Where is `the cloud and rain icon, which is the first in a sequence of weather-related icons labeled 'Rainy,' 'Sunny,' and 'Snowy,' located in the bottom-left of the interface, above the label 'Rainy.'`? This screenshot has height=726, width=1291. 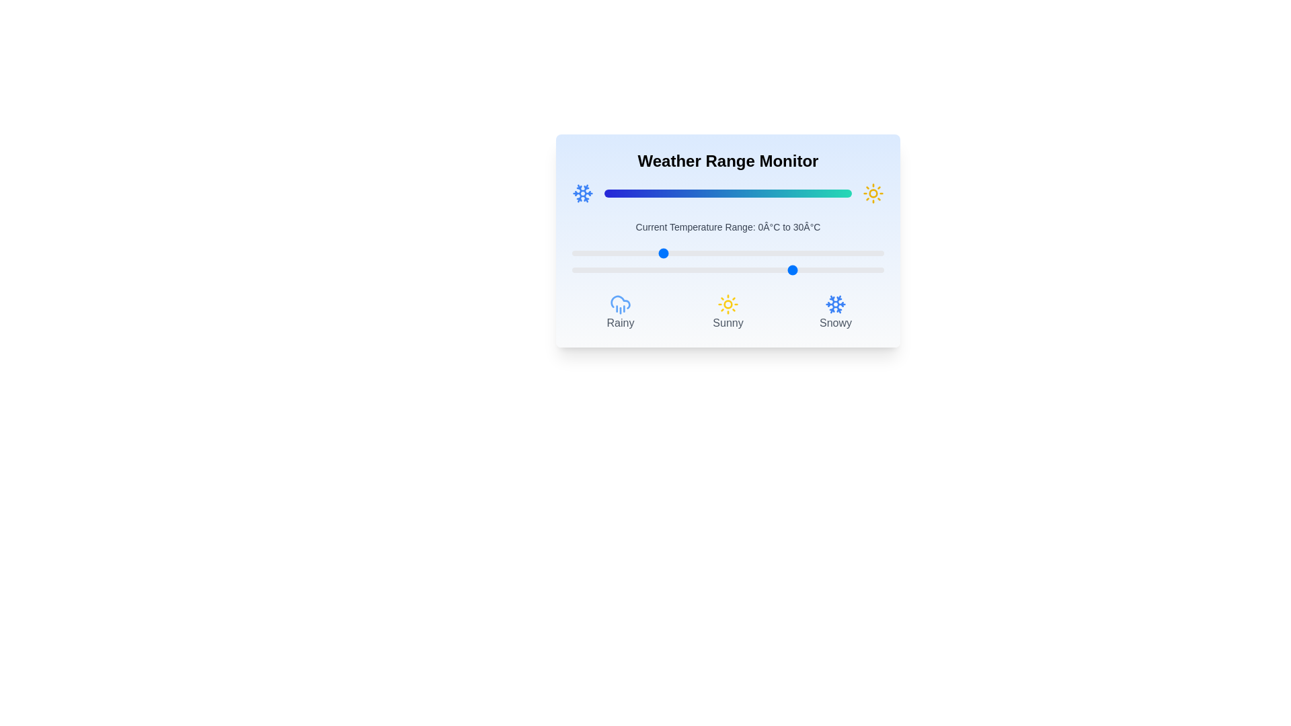
the cloud and rain icon, which is the first in a sequence of weather-related icons labeled 'Rainy,' 'Sunny,' and 'Snowy,' located in the bottom-left of the interface, above the label 'Rainy.' is located at coordinates (619, 301).